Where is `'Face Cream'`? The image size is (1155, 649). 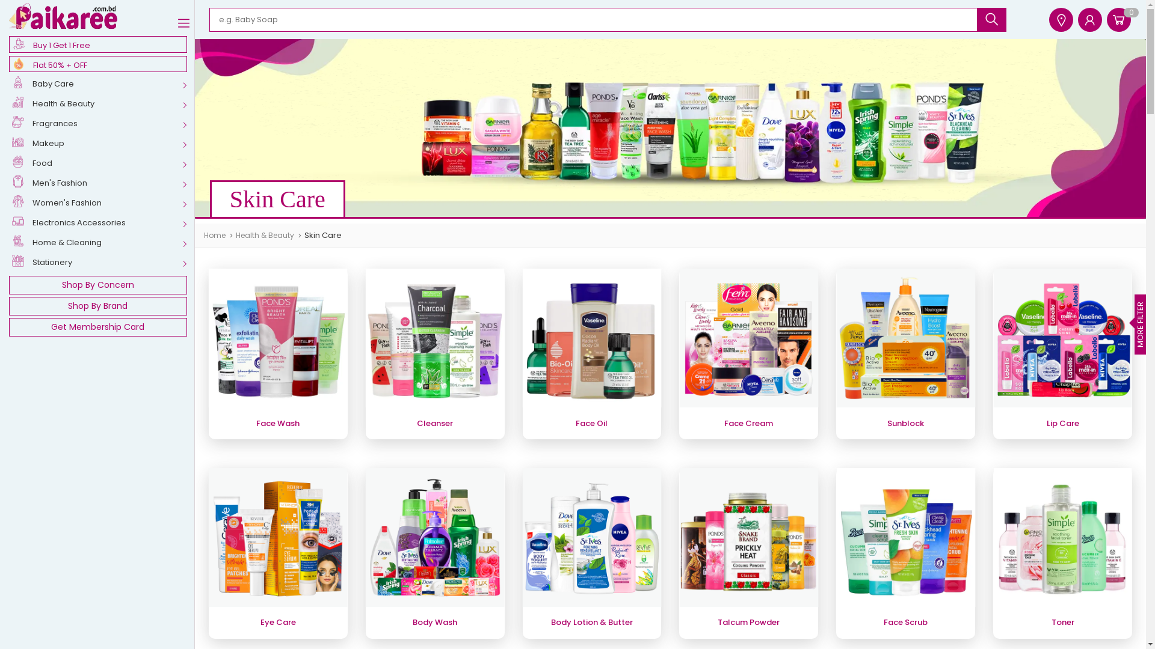 'Face Cream' is located at coordinates (748, 353).